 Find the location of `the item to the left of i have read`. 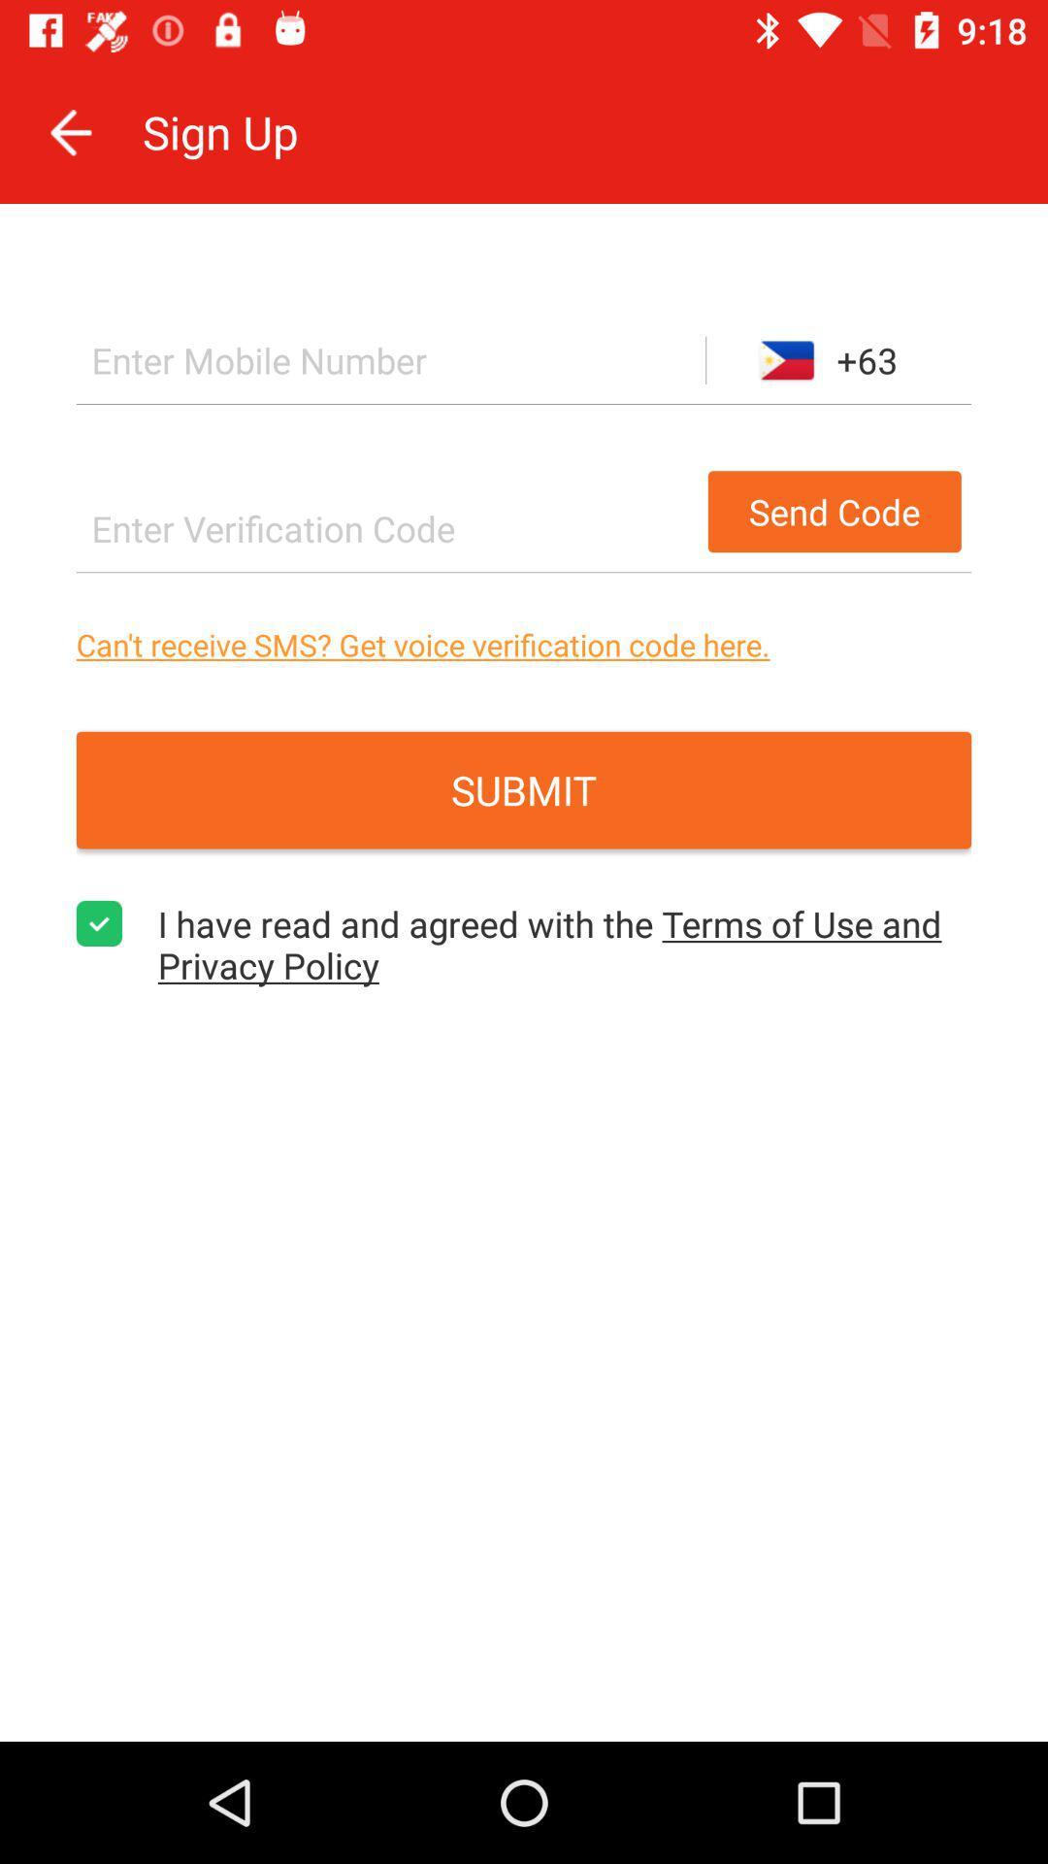

the item to the left of i have read is located at coordinates (99, 922).